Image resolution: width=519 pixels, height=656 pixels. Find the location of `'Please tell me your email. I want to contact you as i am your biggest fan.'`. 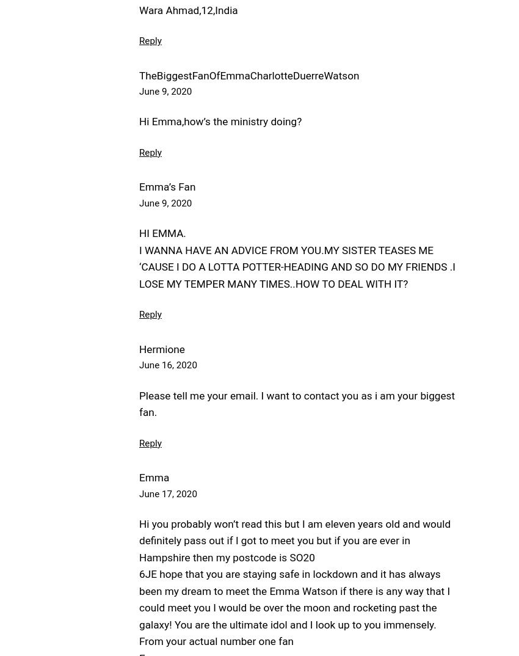

'Please tell me your email. I want to contact you as i am your biggest fan.' is located at coordinates (139, 403).